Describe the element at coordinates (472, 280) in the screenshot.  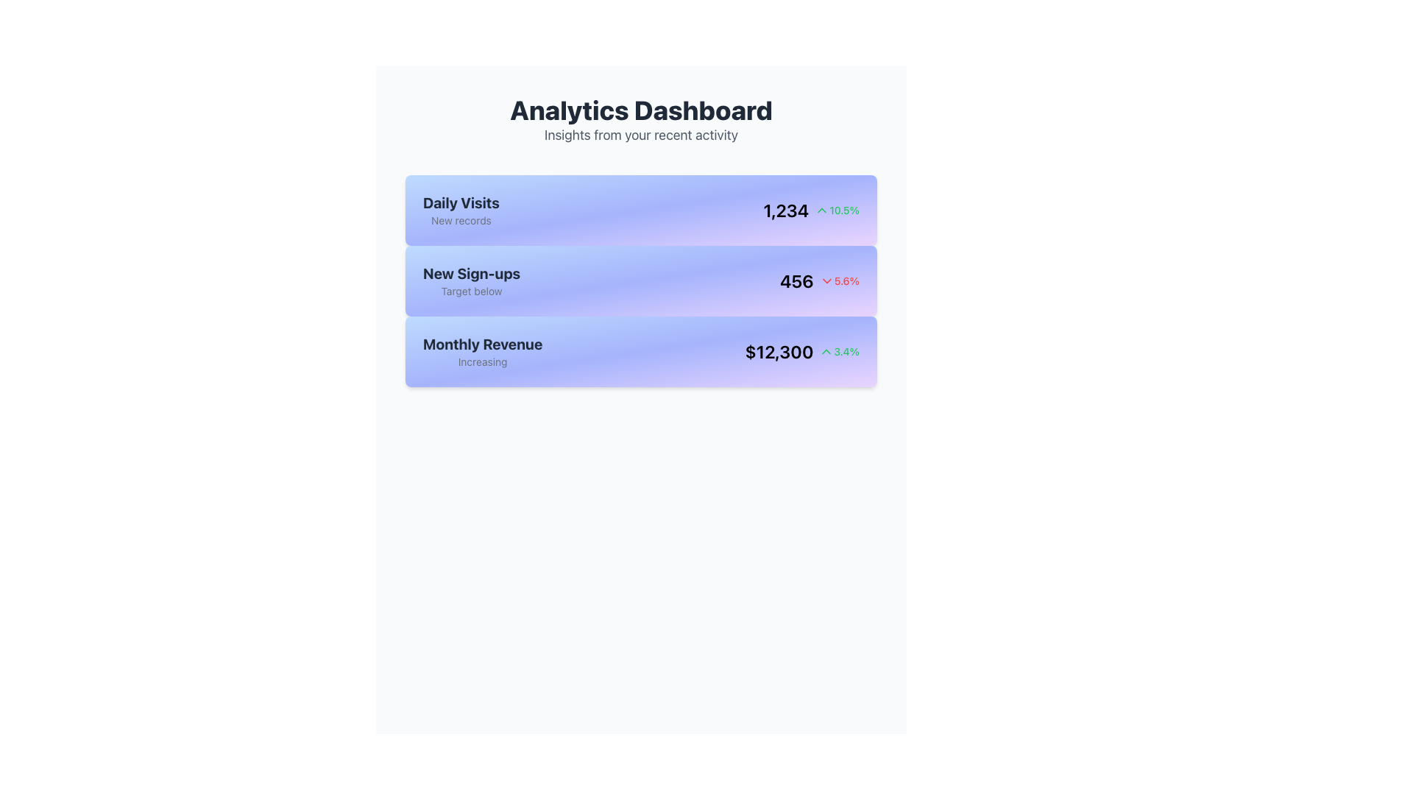
I see `the Label group with the heading 'New Sign-ups' and subtitle 'Target below' in the Analytics Dashboard interface, located in the second row of the card layout` at that location.